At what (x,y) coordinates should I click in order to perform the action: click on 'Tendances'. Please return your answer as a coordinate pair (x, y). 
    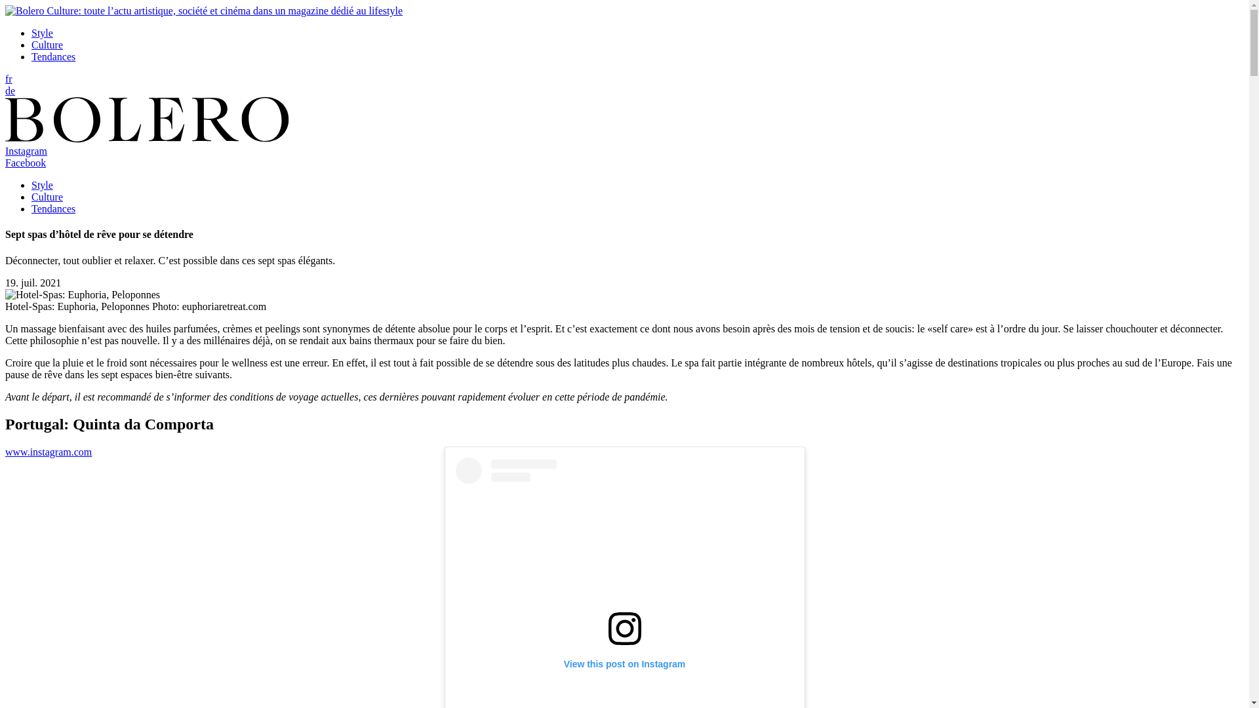
    Looking at the image, I should click on (52, 208).